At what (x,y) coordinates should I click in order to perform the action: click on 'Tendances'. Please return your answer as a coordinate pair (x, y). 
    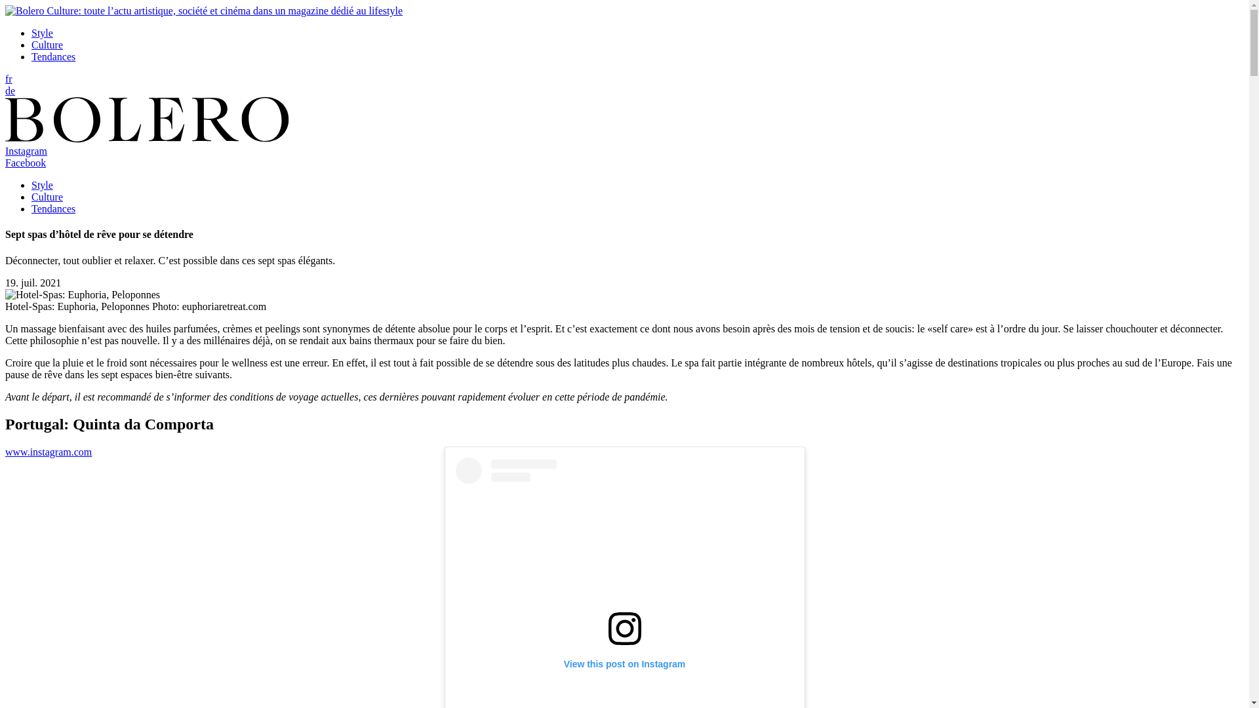
    Looking at the image, I should click on (52, 208).